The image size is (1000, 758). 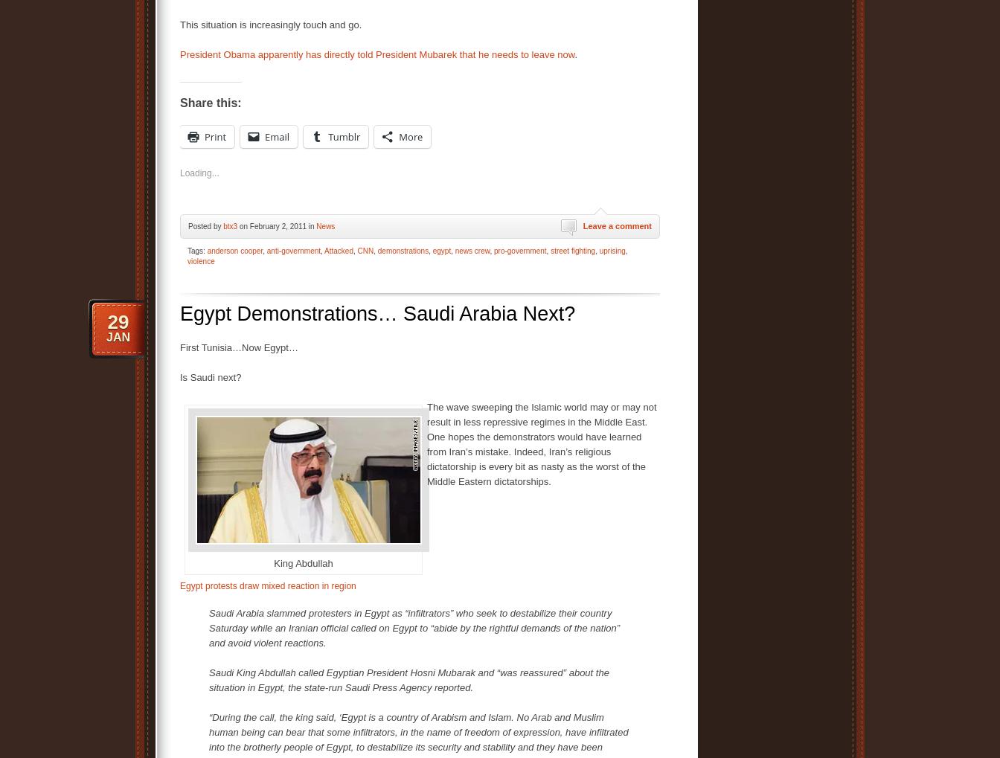 I want to click on 'violence', so click(x=201, y=261).